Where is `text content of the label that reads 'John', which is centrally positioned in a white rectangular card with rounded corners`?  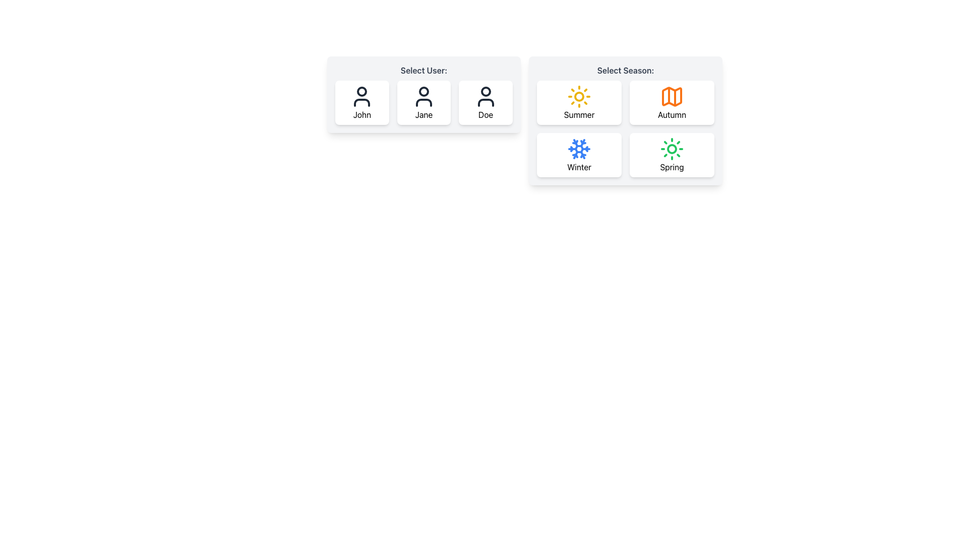 text content of the label that reads 'John', which is centrally positioned in a white rectangular card with rounded corners is located at coordinates (362, 114).